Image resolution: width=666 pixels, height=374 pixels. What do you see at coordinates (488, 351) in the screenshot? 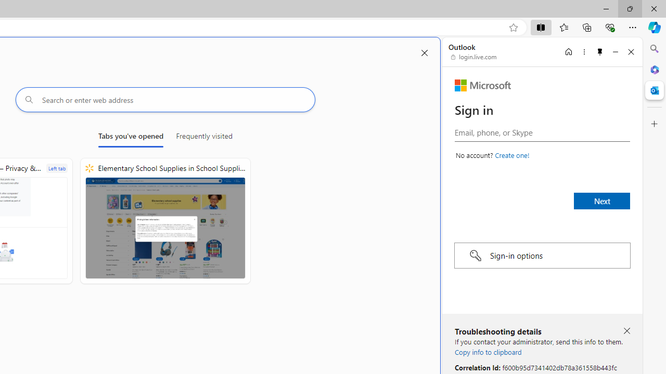
I see `'Copy info to clipboard'` at bounding box center [488, 351].